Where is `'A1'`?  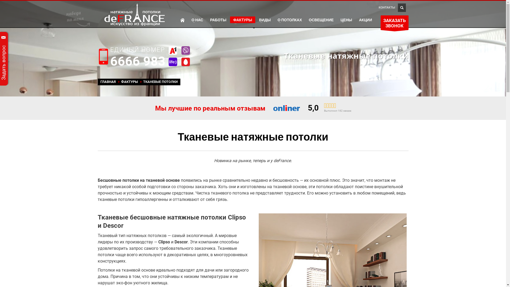 'A1' is located at coordinates (172, 50).